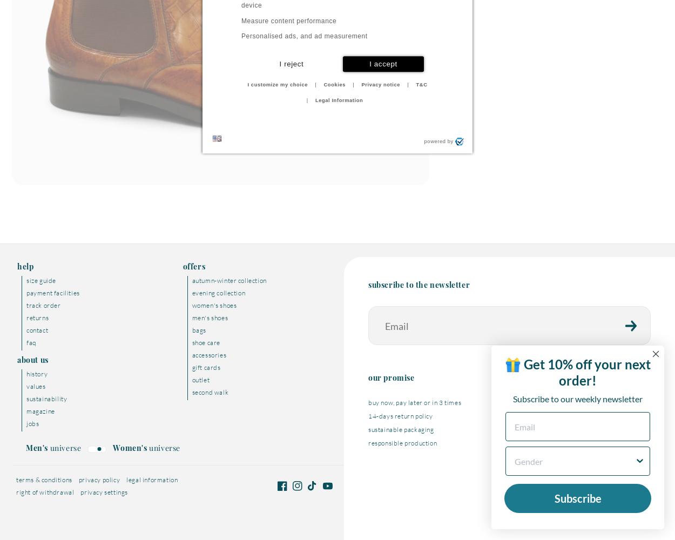 The height and width of the screenshot is (540, 675). Describe the element at coordinates (414, 402) in the screenshot. I see `'buy now, pay later or in 3 times'` at that location.